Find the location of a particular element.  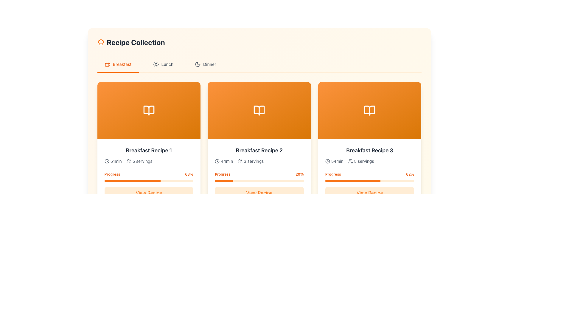

the 'Progress' text label, which is displayed in small, bold, orange text and is positioned above the progress bar in the second card of a horizontal row of three cards is located at coordinates (222, 174).